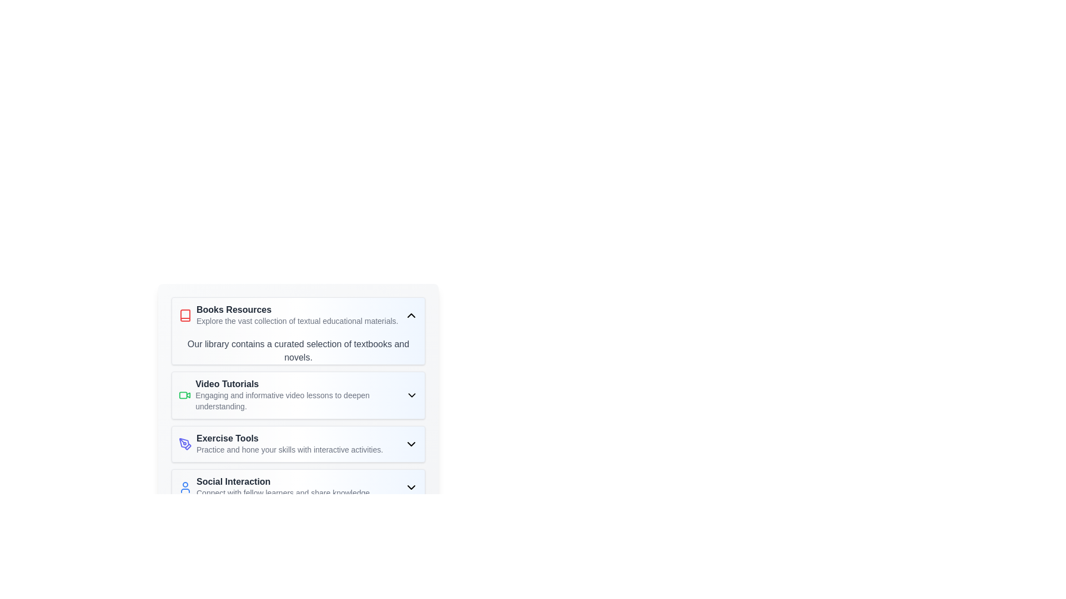  What do you see at coordinates (298, 351) in the screenshot?
I see `the static text that describes the offerings in the 'Books Resources' section, positioned under the header 'Books Resources' and above 'Video Tutorials'` at bounding box center [298, 351].